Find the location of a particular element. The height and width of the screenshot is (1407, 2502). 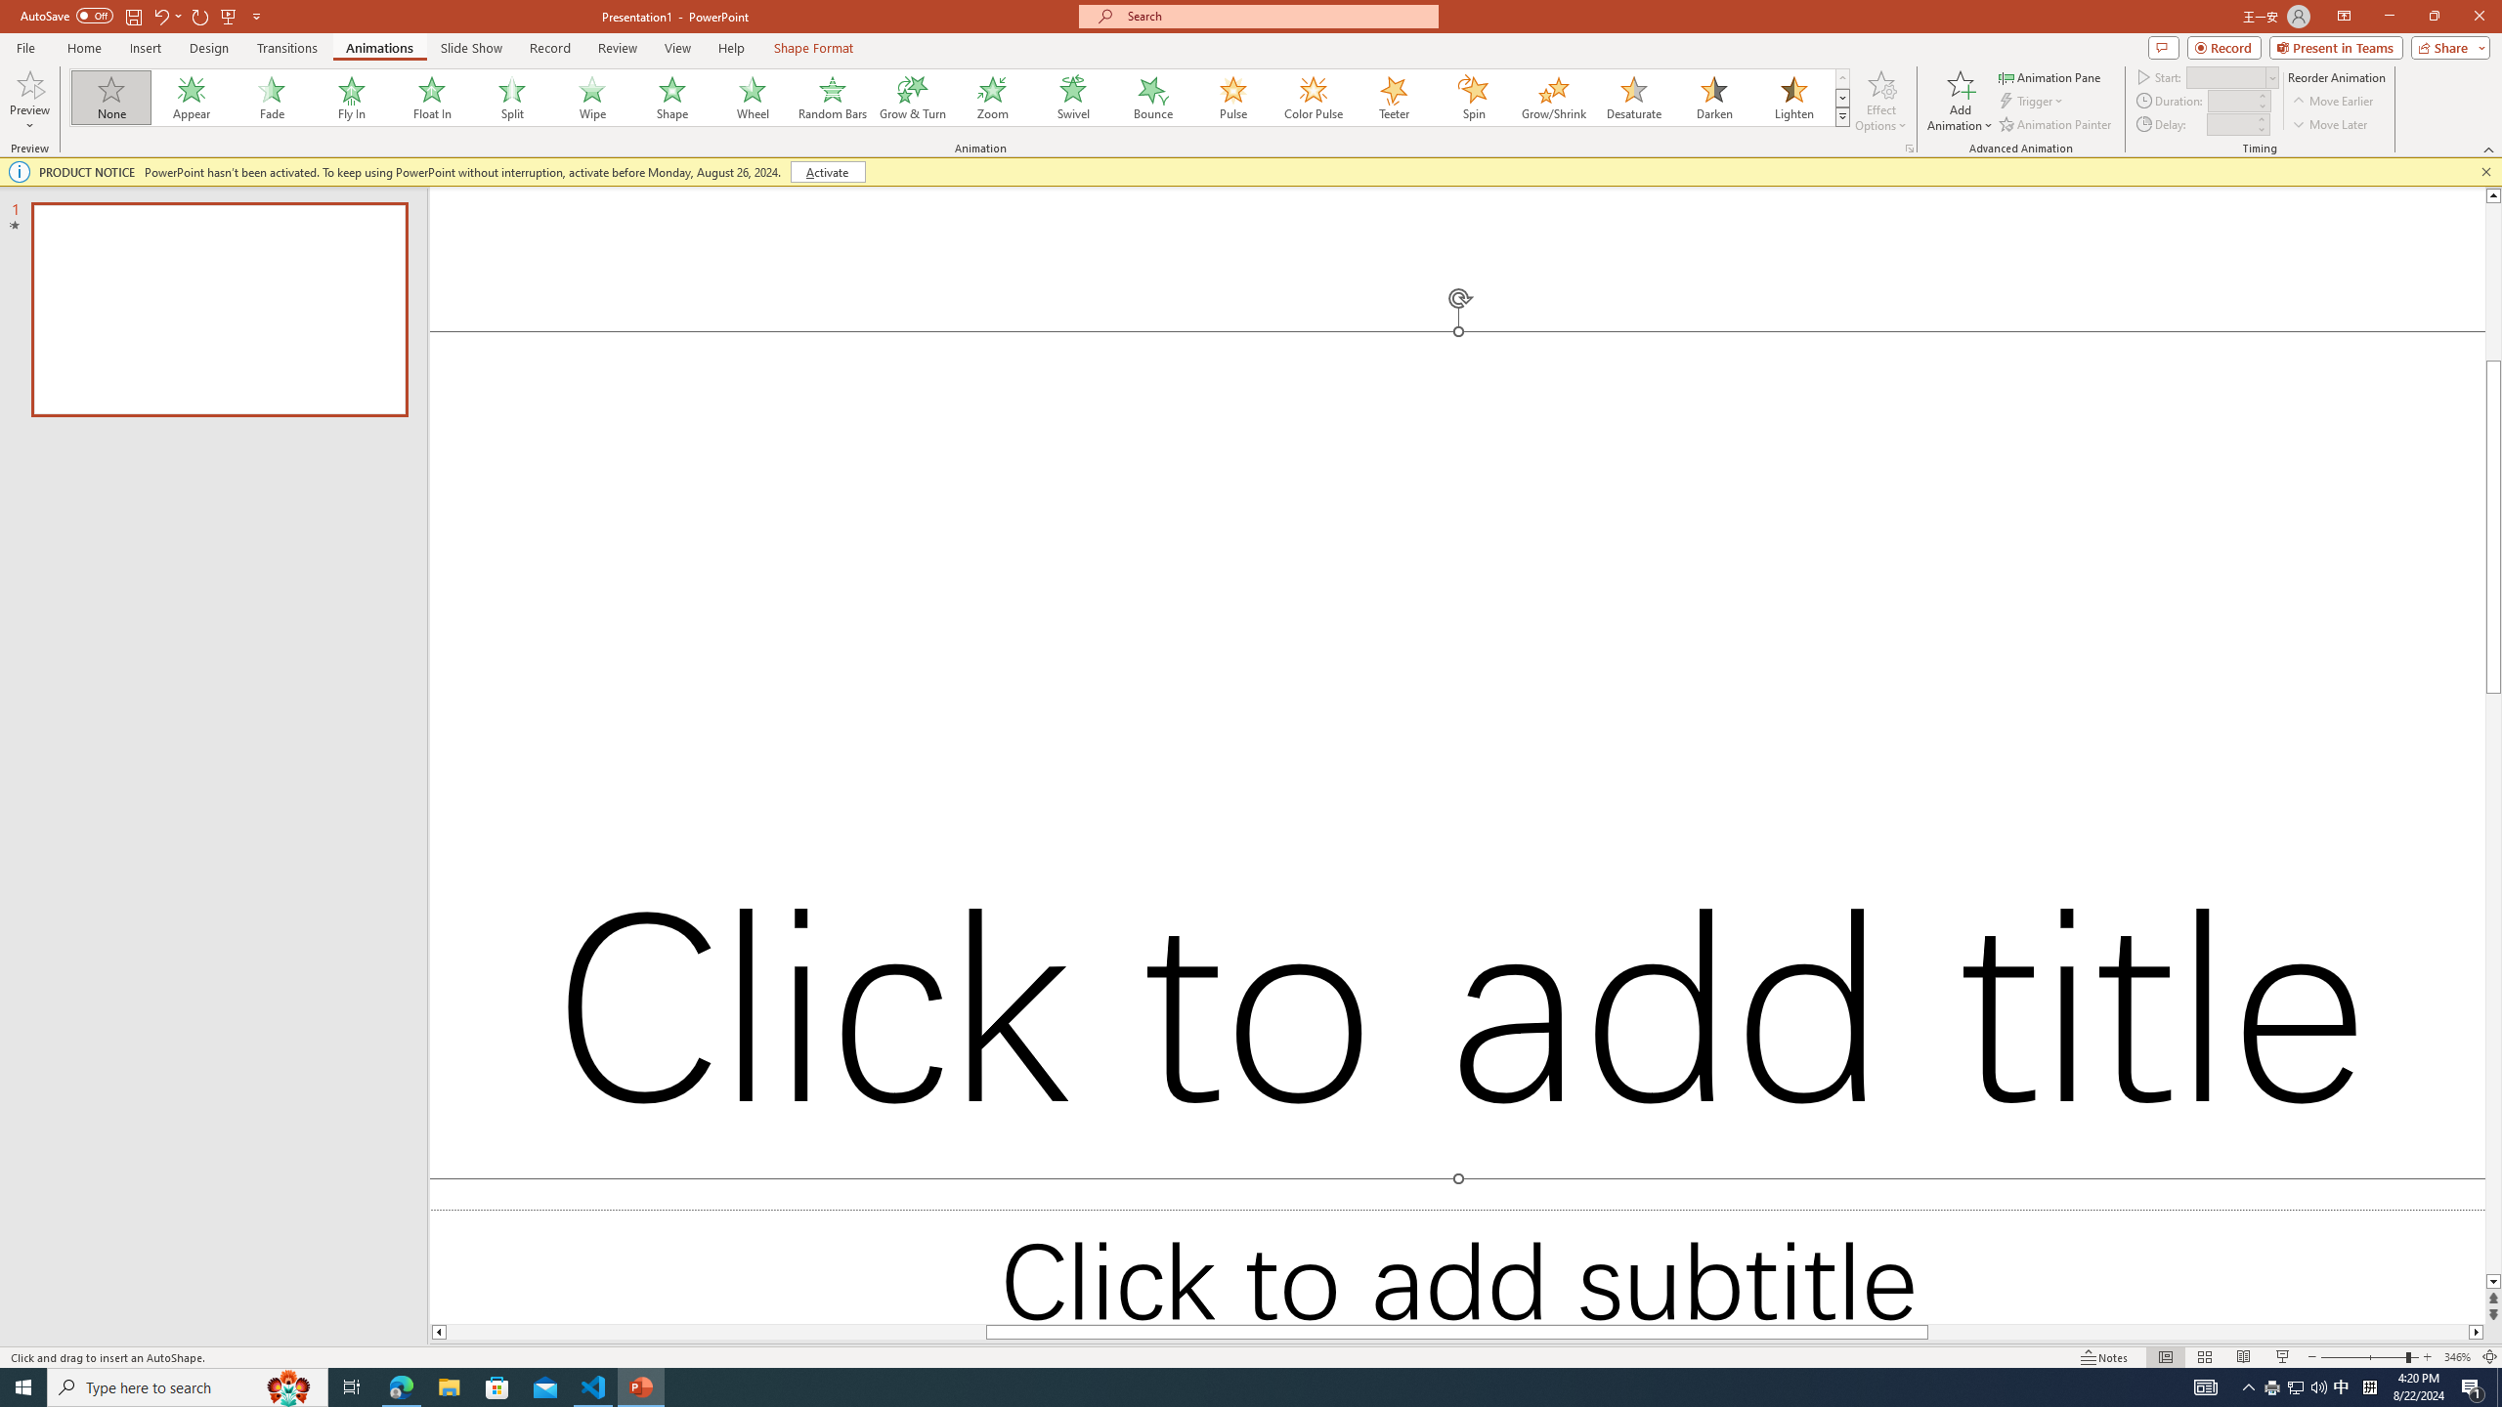

'Animation Delay' is located at coordinates (2227, 123).